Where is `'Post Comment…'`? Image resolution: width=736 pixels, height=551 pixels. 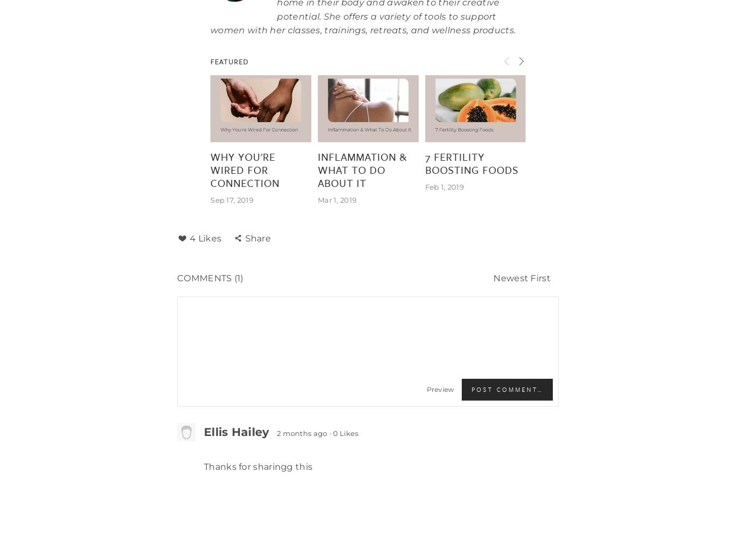
'Post Comment…' is located at coordinates (506, 388).